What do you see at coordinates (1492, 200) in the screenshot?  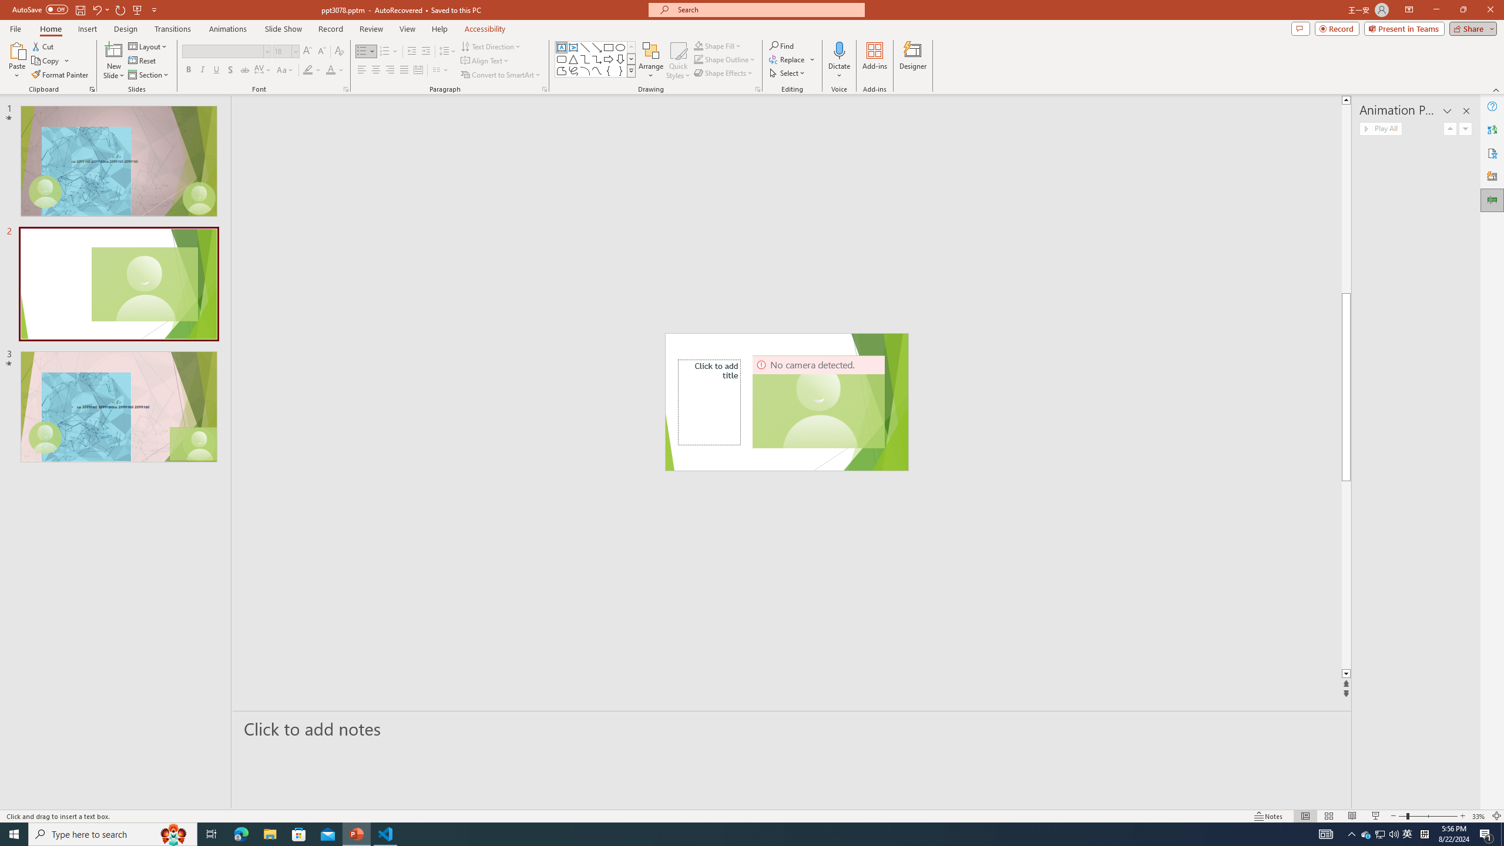 I see `'Animation Pane'` at bounding box center [1492, 200].